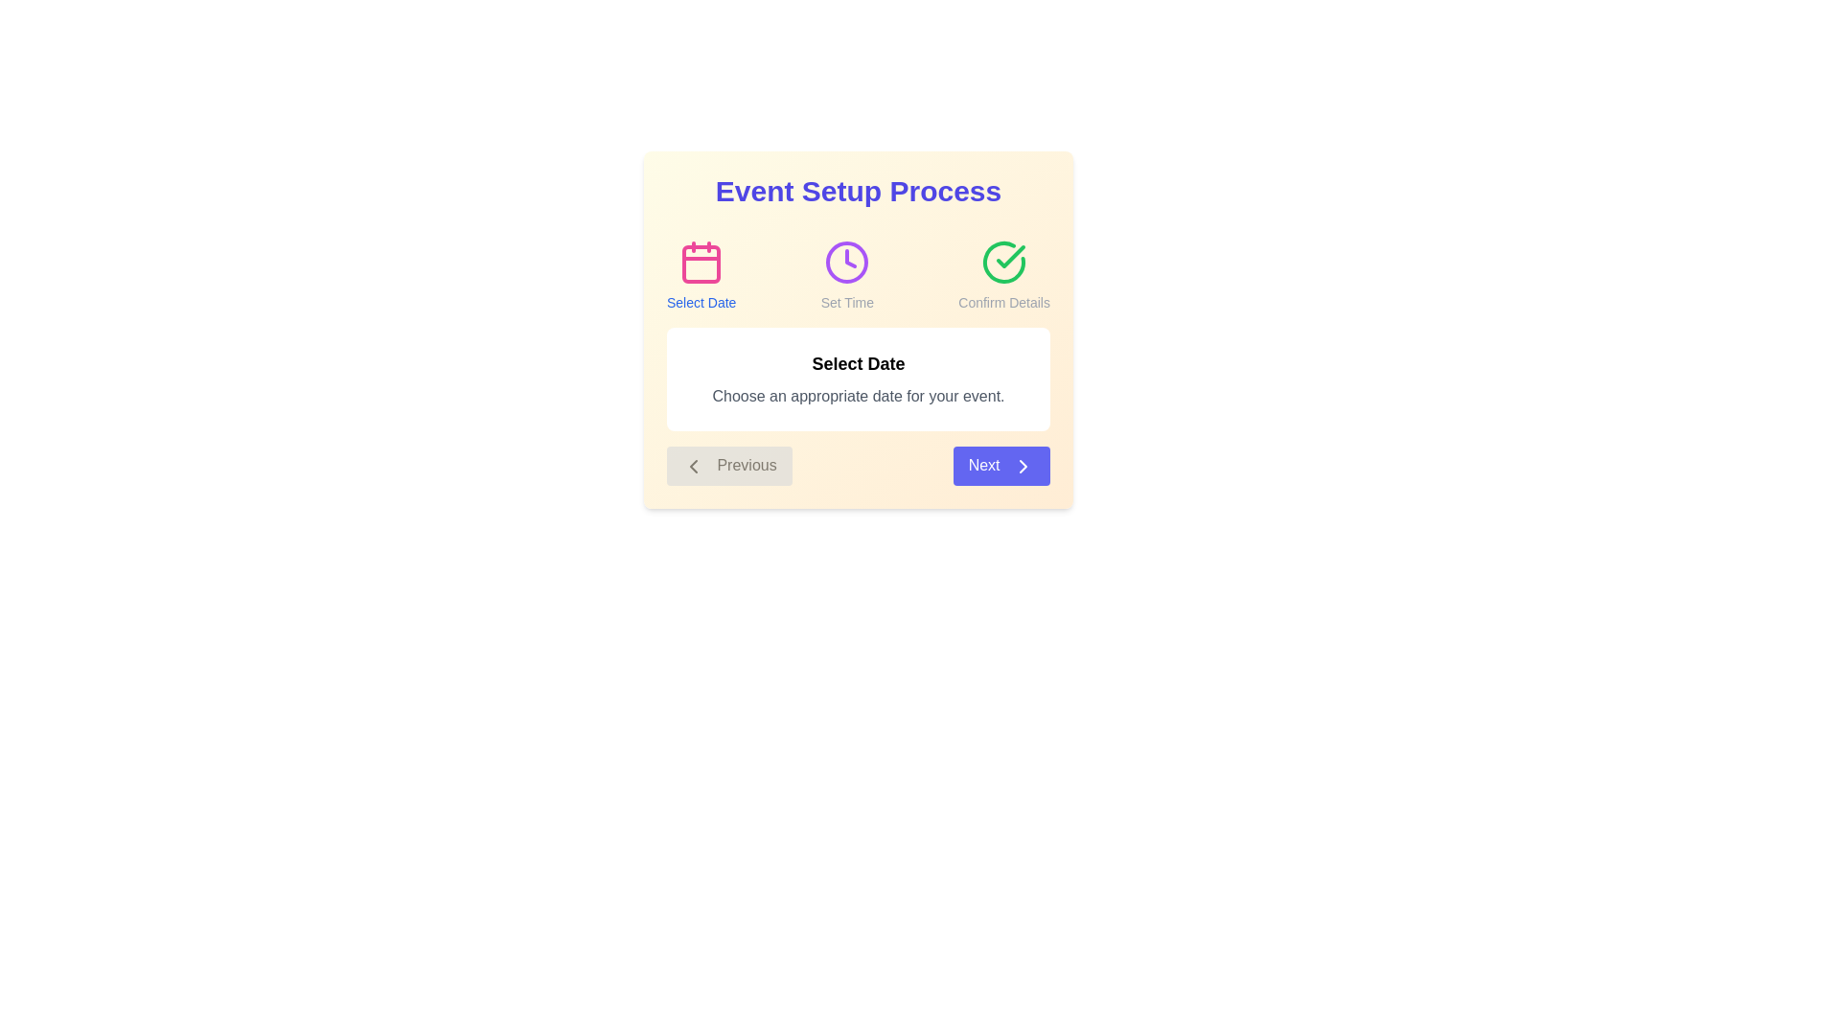  Describe the element at coordinates (1003, 276) in the screenshot. I see `the step indicator for Confirm Details to view its description` at that location.